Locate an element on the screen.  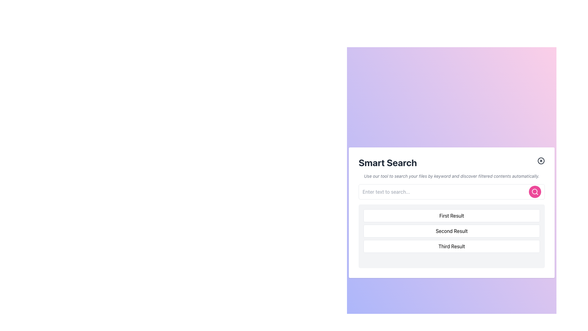
the selectable textual entry located in the middle of three similar items in the search results list is located at coordinates (451, 231).